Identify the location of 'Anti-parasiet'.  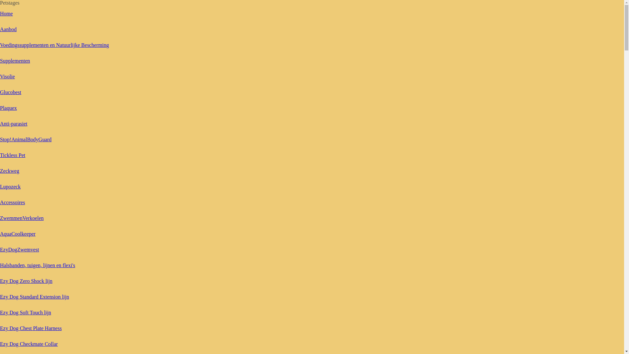
(14, 124).